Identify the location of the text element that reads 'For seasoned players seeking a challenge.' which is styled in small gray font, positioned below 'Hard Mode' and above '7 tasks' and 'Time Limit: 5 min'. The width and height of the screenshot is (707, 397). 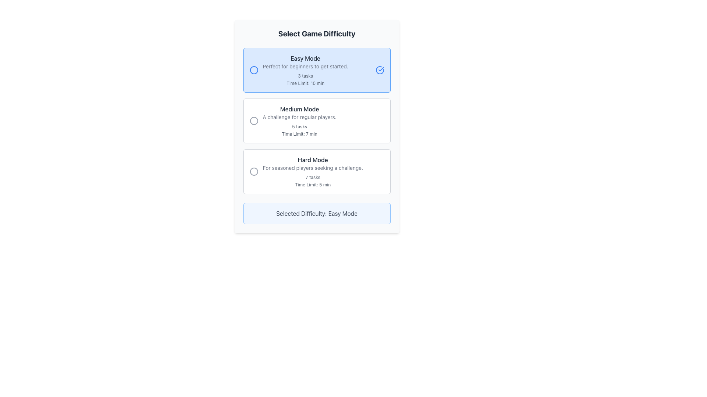
(313, 168).